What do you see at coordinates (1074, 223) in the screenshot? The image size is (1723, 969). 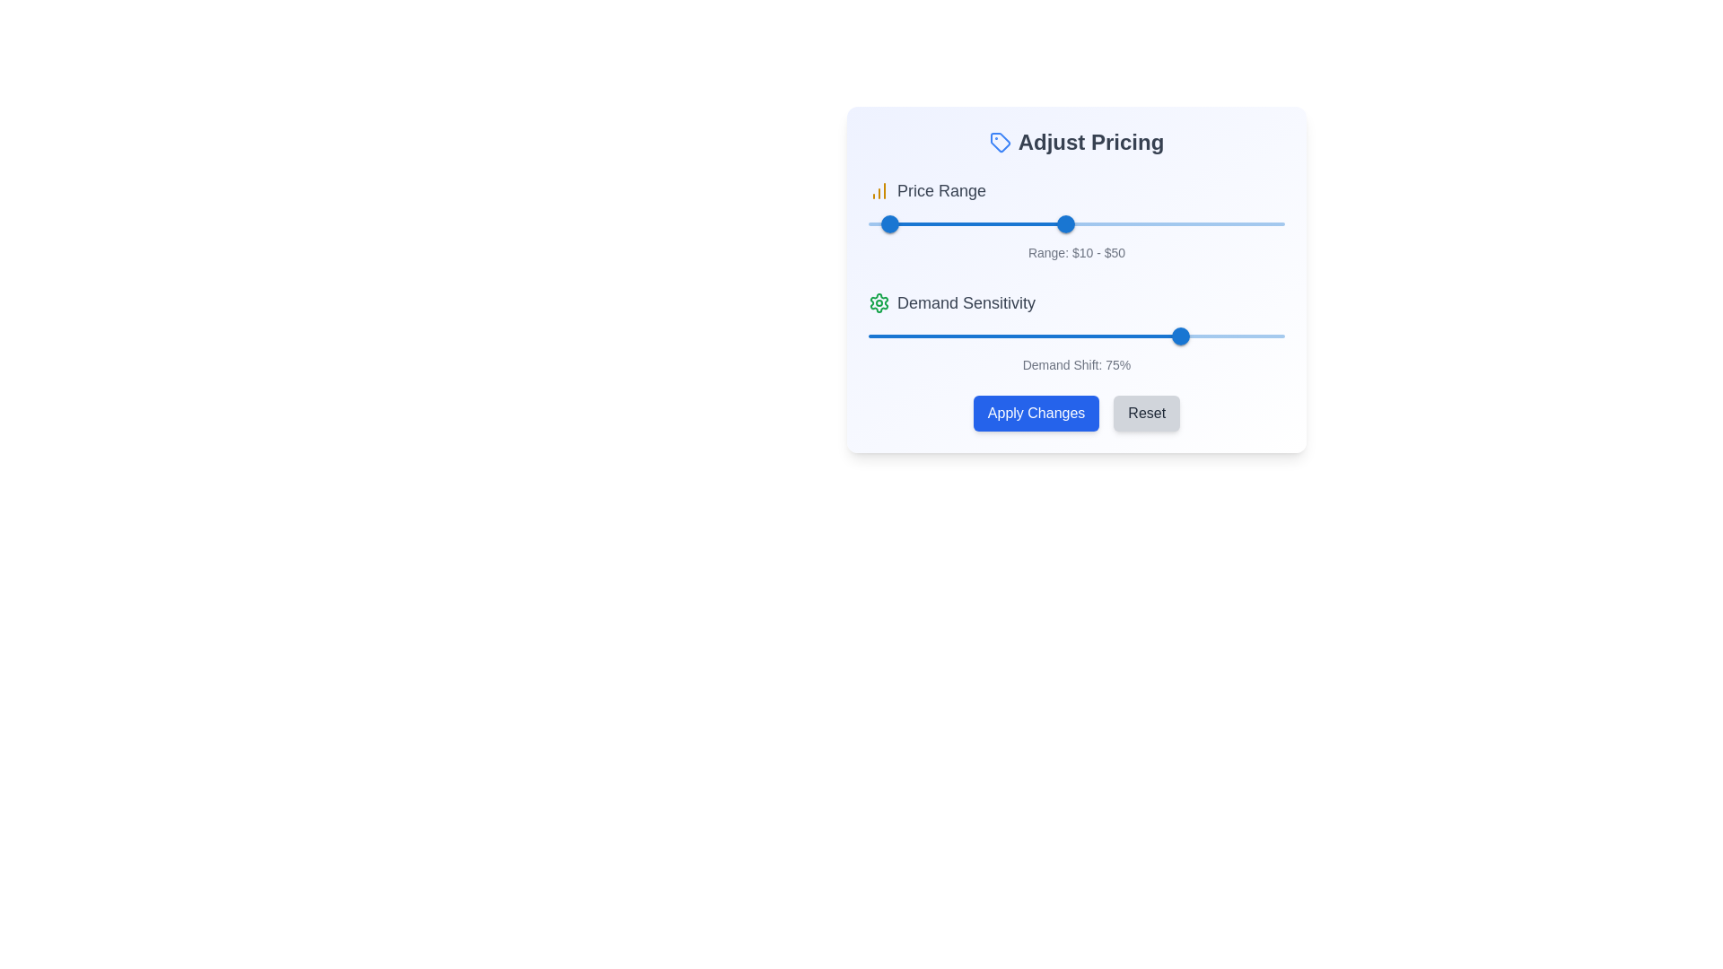 I see `the price range slider` at bounding box center [1074, 223].